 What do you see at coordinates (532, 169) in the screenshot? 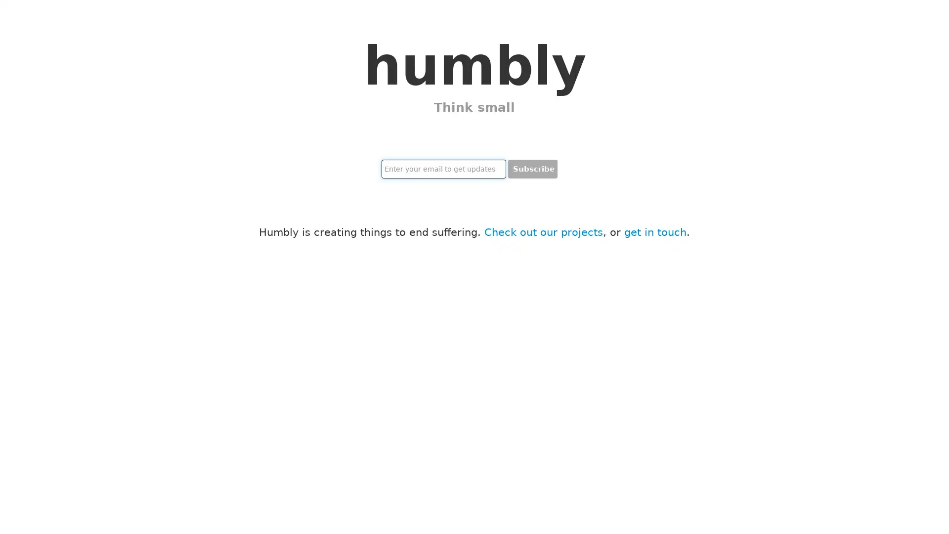
I see `Subscribe` at bounding box center [532, 169].